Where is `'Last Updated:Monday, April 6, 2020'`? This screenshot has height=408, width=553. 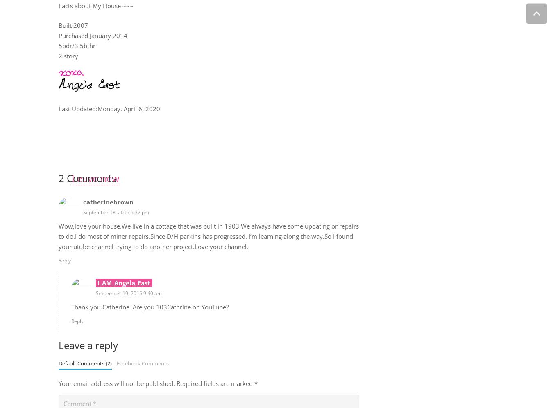 'Last Updated:Monday, April 6, 2020' is located at coordinates (108, 108).